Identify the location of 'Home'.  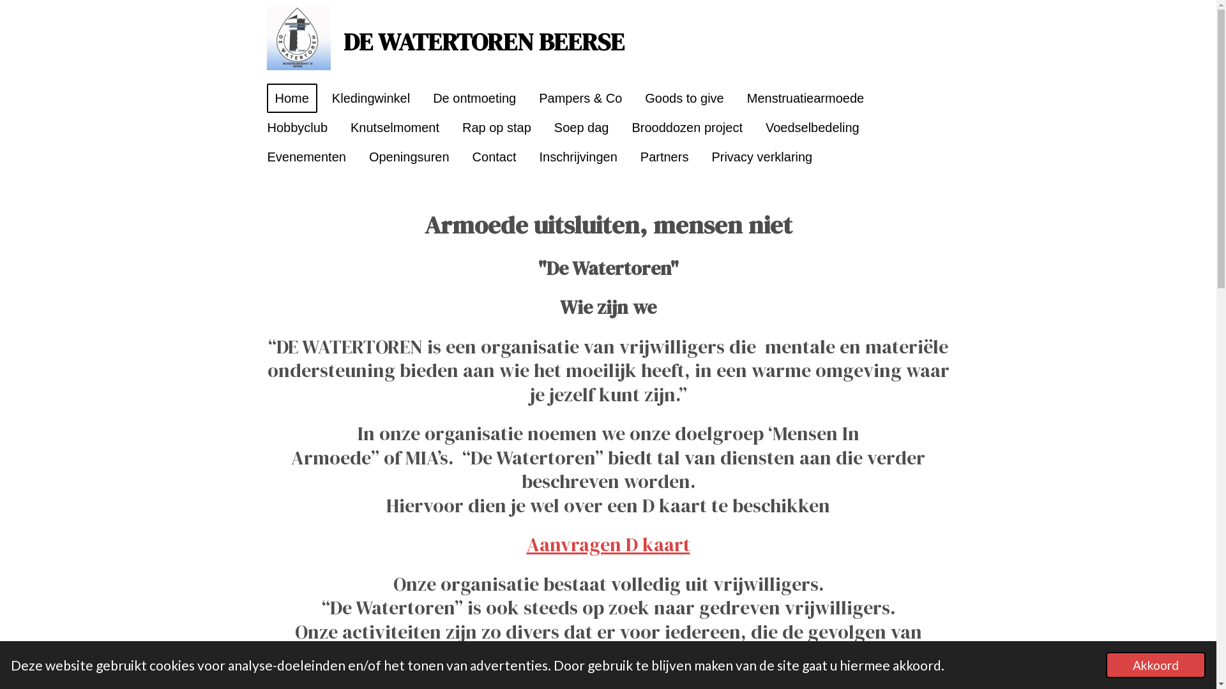
(291, 98).